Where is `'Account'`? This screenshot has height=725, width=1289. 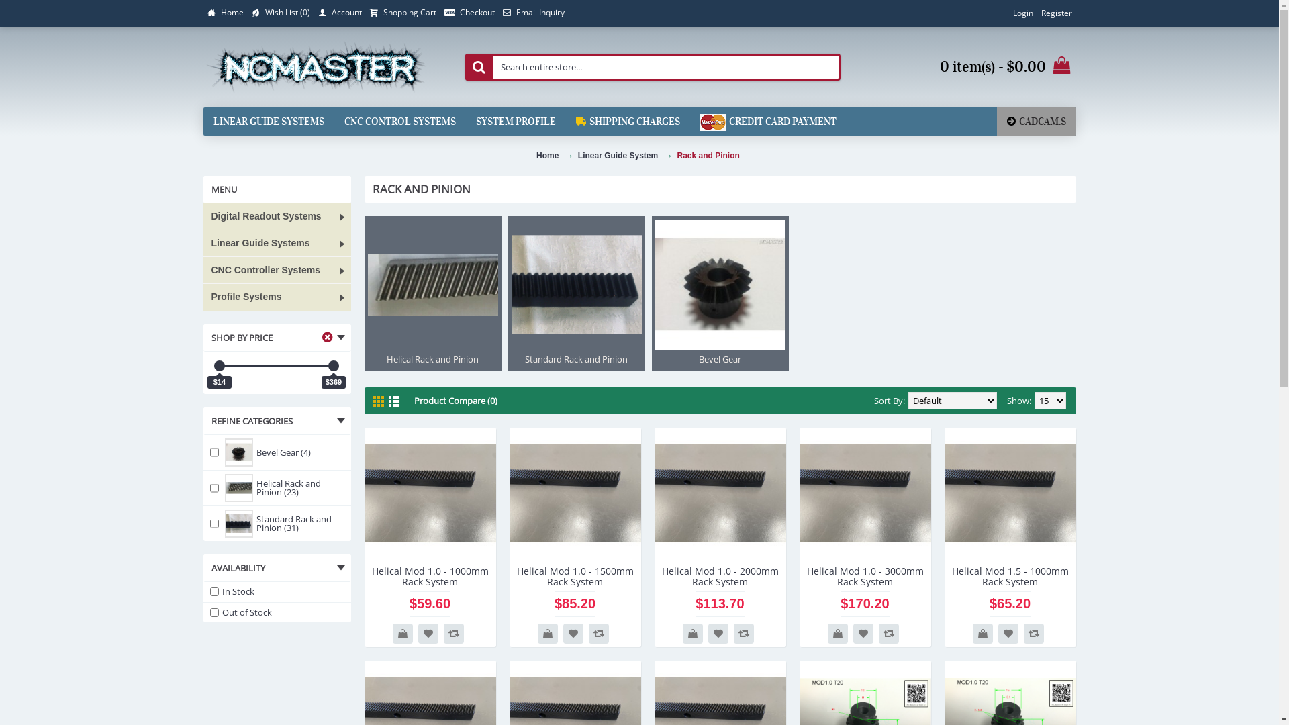 'Account' is located at coordinates (340, 13).